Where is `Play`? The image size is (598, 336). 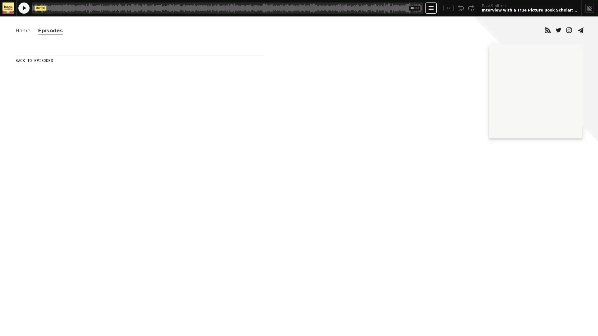
Play is located at coordinates (24, 8).